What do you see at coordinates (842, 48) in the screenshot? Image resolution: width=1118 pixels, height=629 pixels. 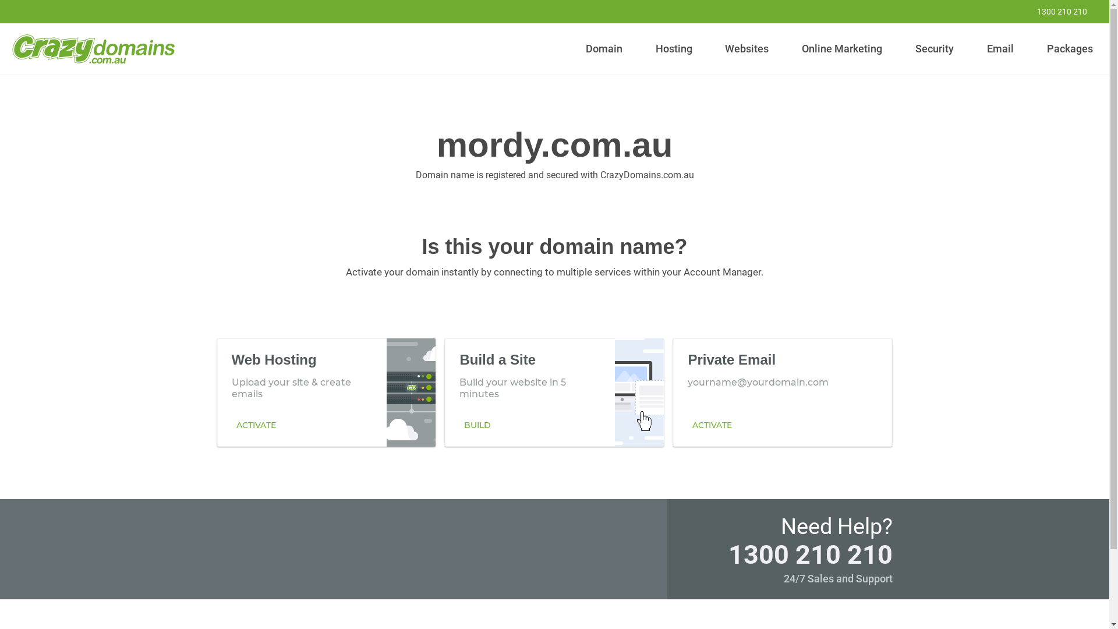 I see `'Online Marketing'` at bounding box center [842, 48].